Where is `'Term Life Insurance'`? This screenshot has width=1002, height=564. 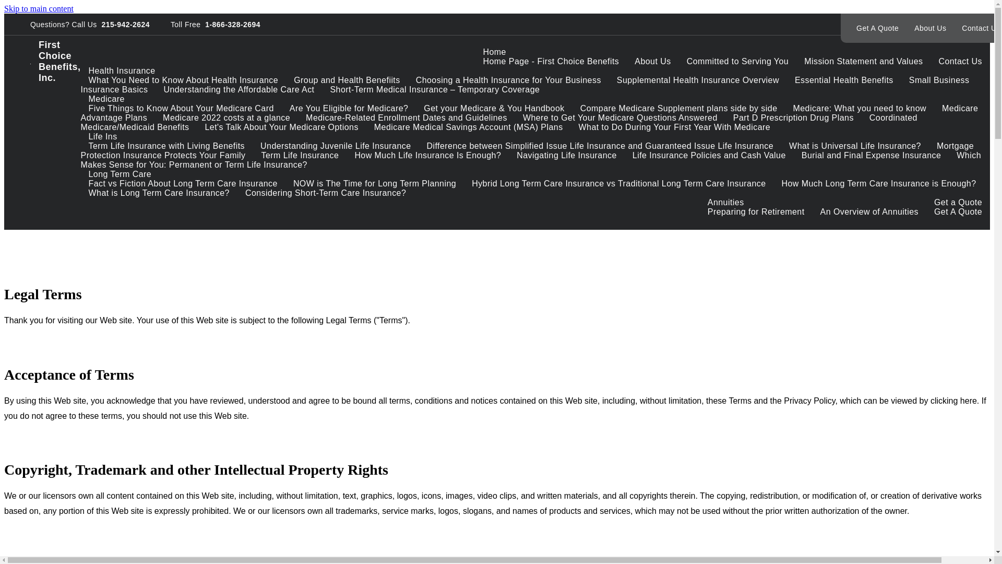
'Term Life Insurance' is located at coordinates (300, 155).